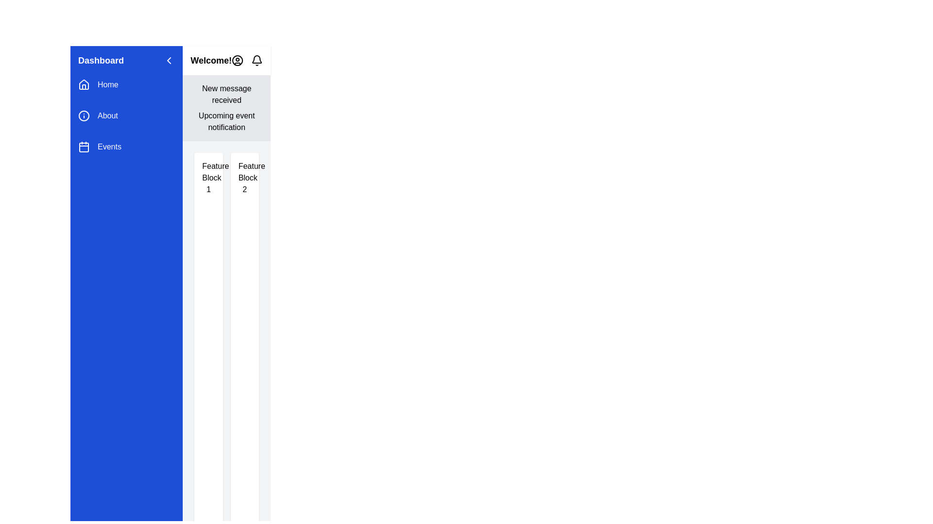 The width and height of the screenshot is (933, 524). Describe the element at coordinates (257, 59) in the screenshot. I see `the bell icon located in the top bar, next to the 'Welcome!' text` at that location.